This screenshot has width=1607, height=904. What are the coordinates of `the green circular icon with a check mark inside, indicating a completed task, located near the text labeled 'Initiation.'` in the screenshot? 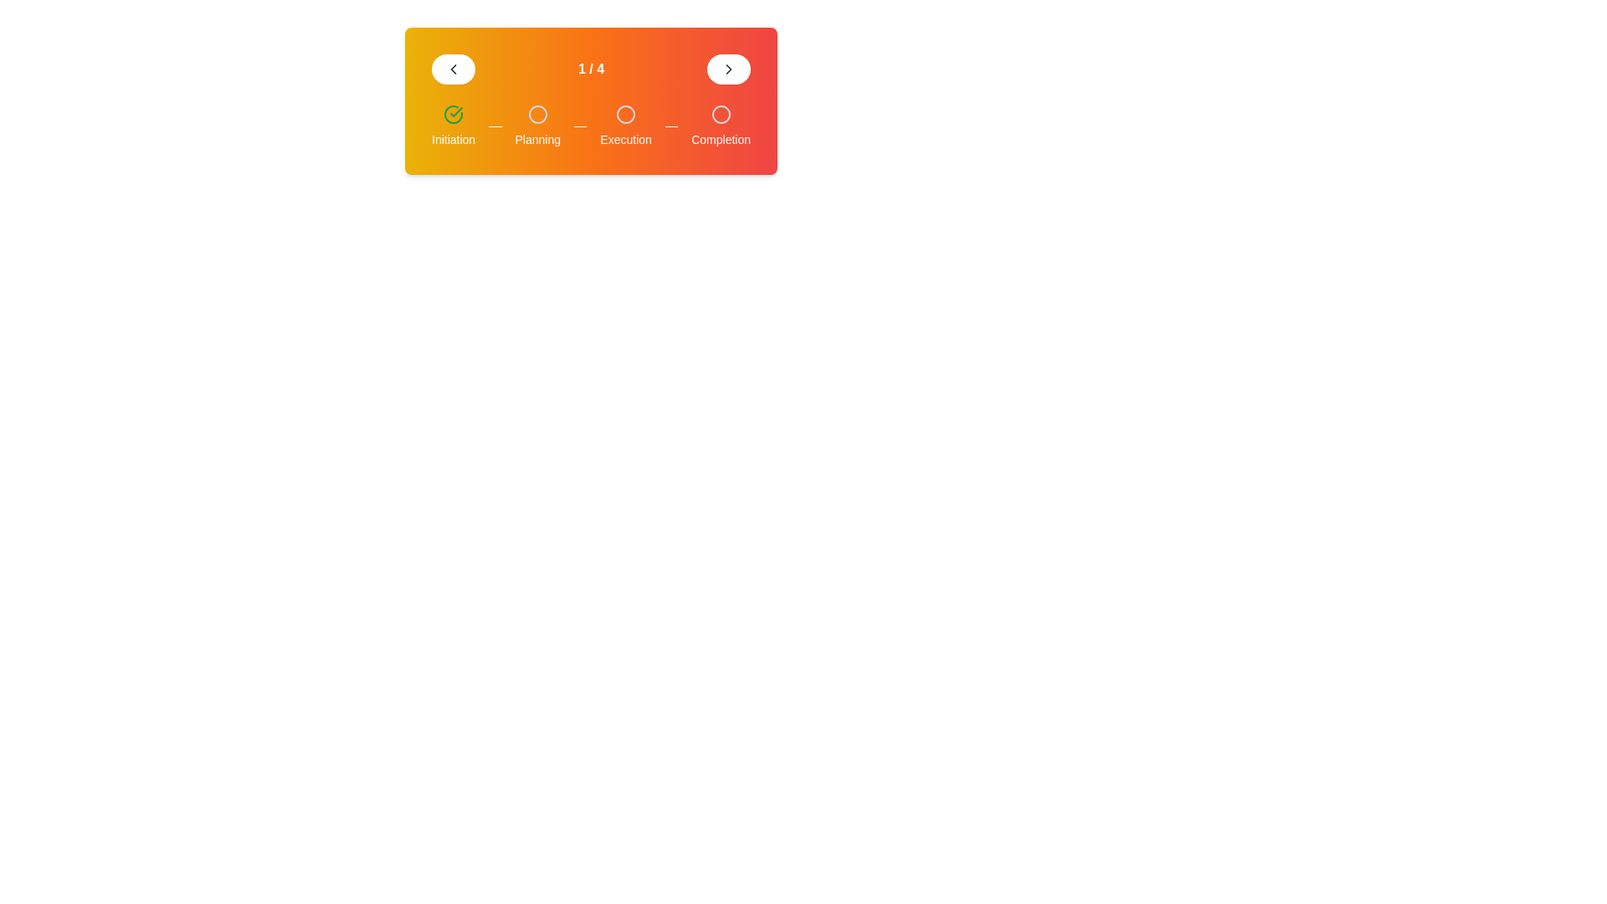 It's located at (454, 114).